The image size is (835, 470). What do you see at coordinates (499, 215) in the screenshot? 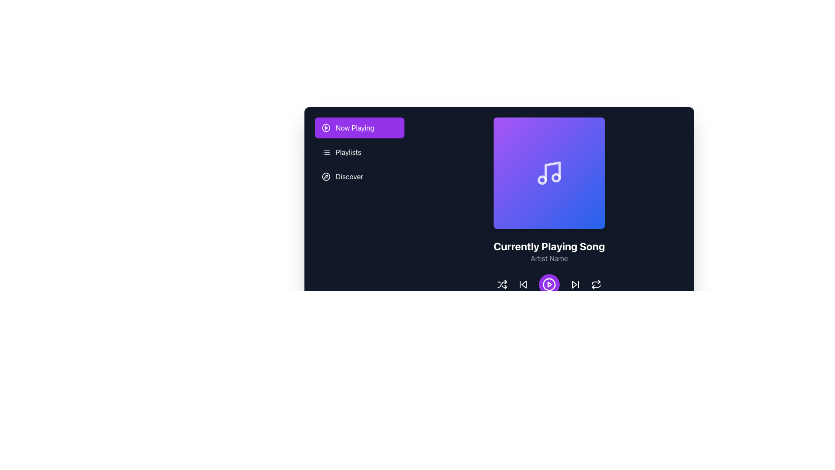
I see `the album art image element representing the currently playing track for rearrangement` at bounding box center [499, 215].